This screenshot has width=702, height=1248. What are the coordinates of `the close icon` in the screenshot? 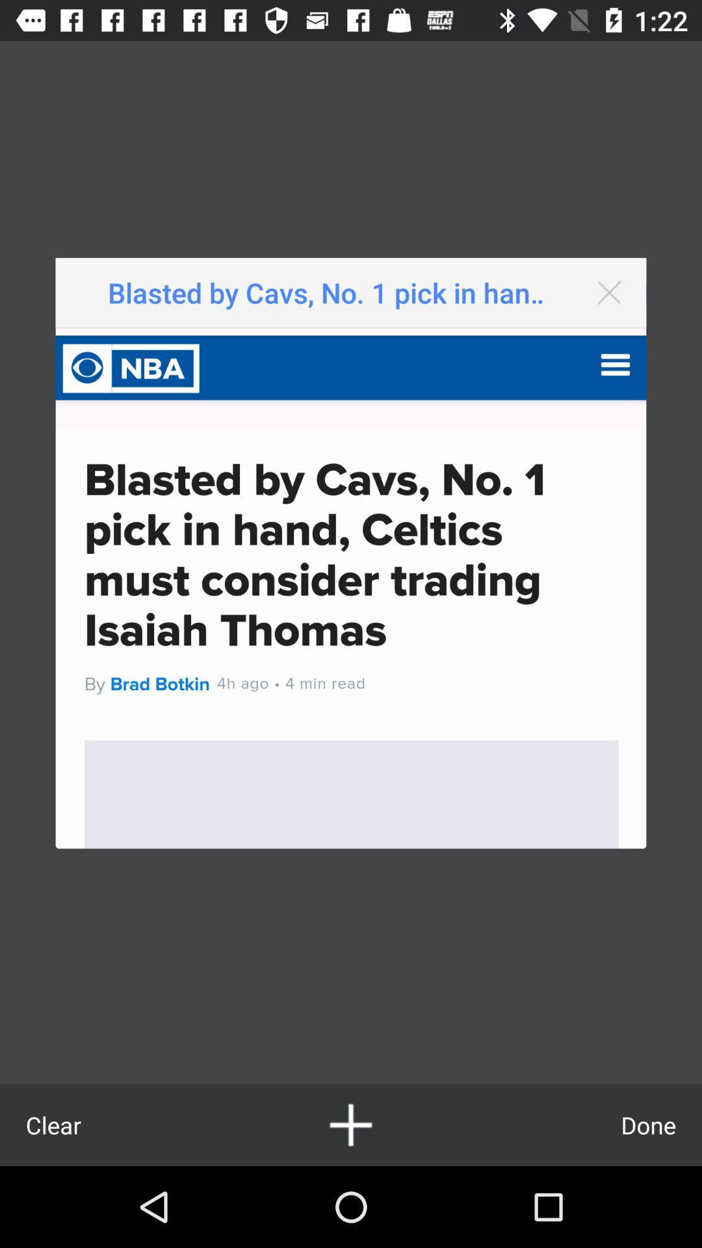 It's located at (609, 313).